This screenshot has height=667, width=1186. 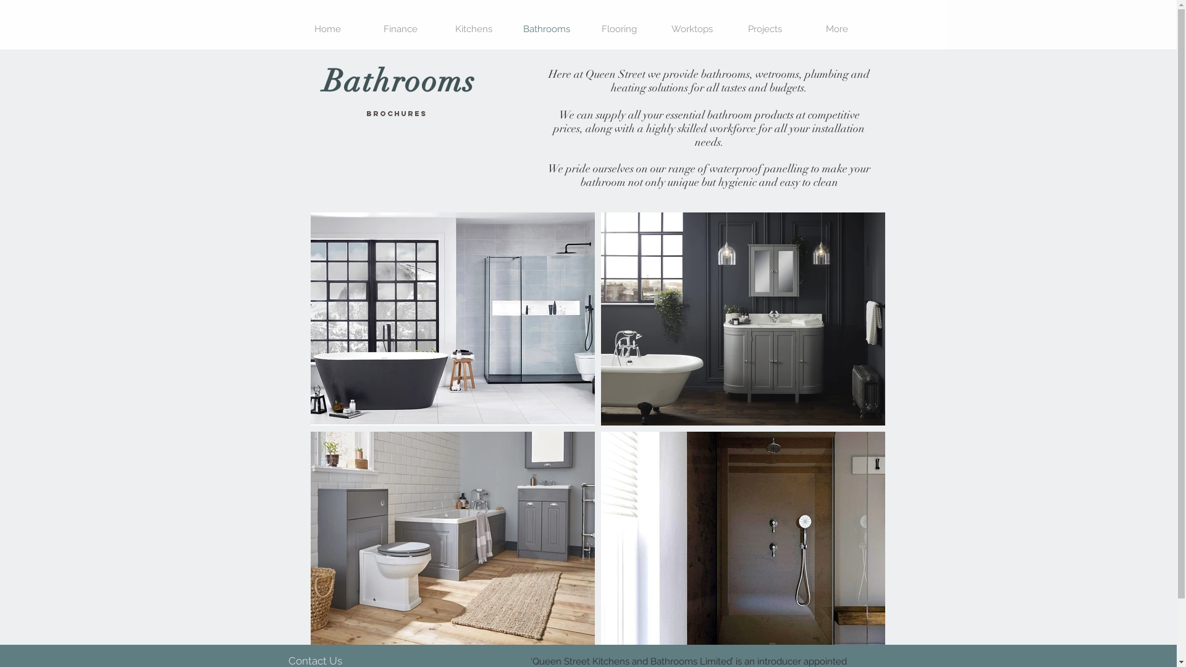 What do you see at coordinates (620, 28) in the screenshot?
I see `'Flooring'` at bounding box center [620, 28].